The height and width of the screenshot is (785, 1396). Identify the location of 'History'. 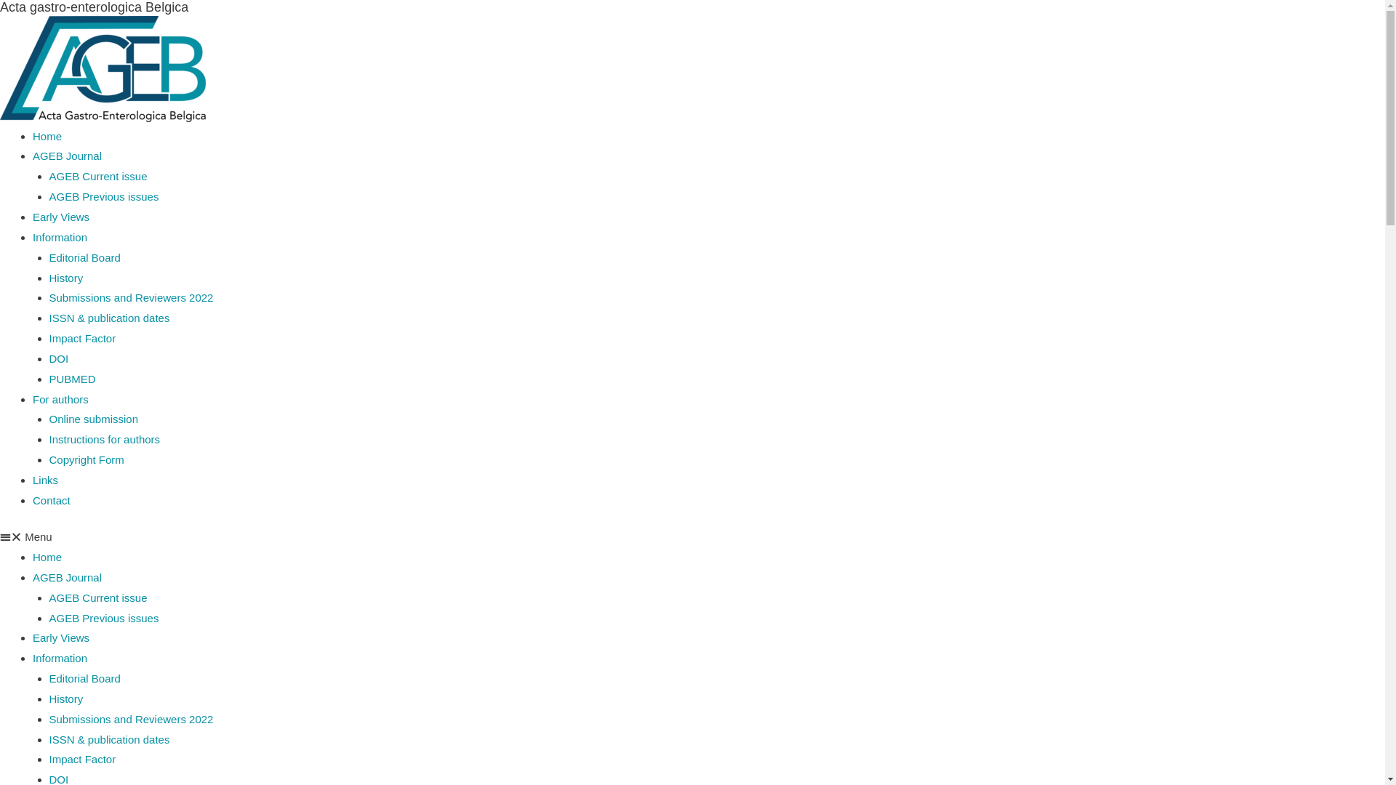
(65, 278).